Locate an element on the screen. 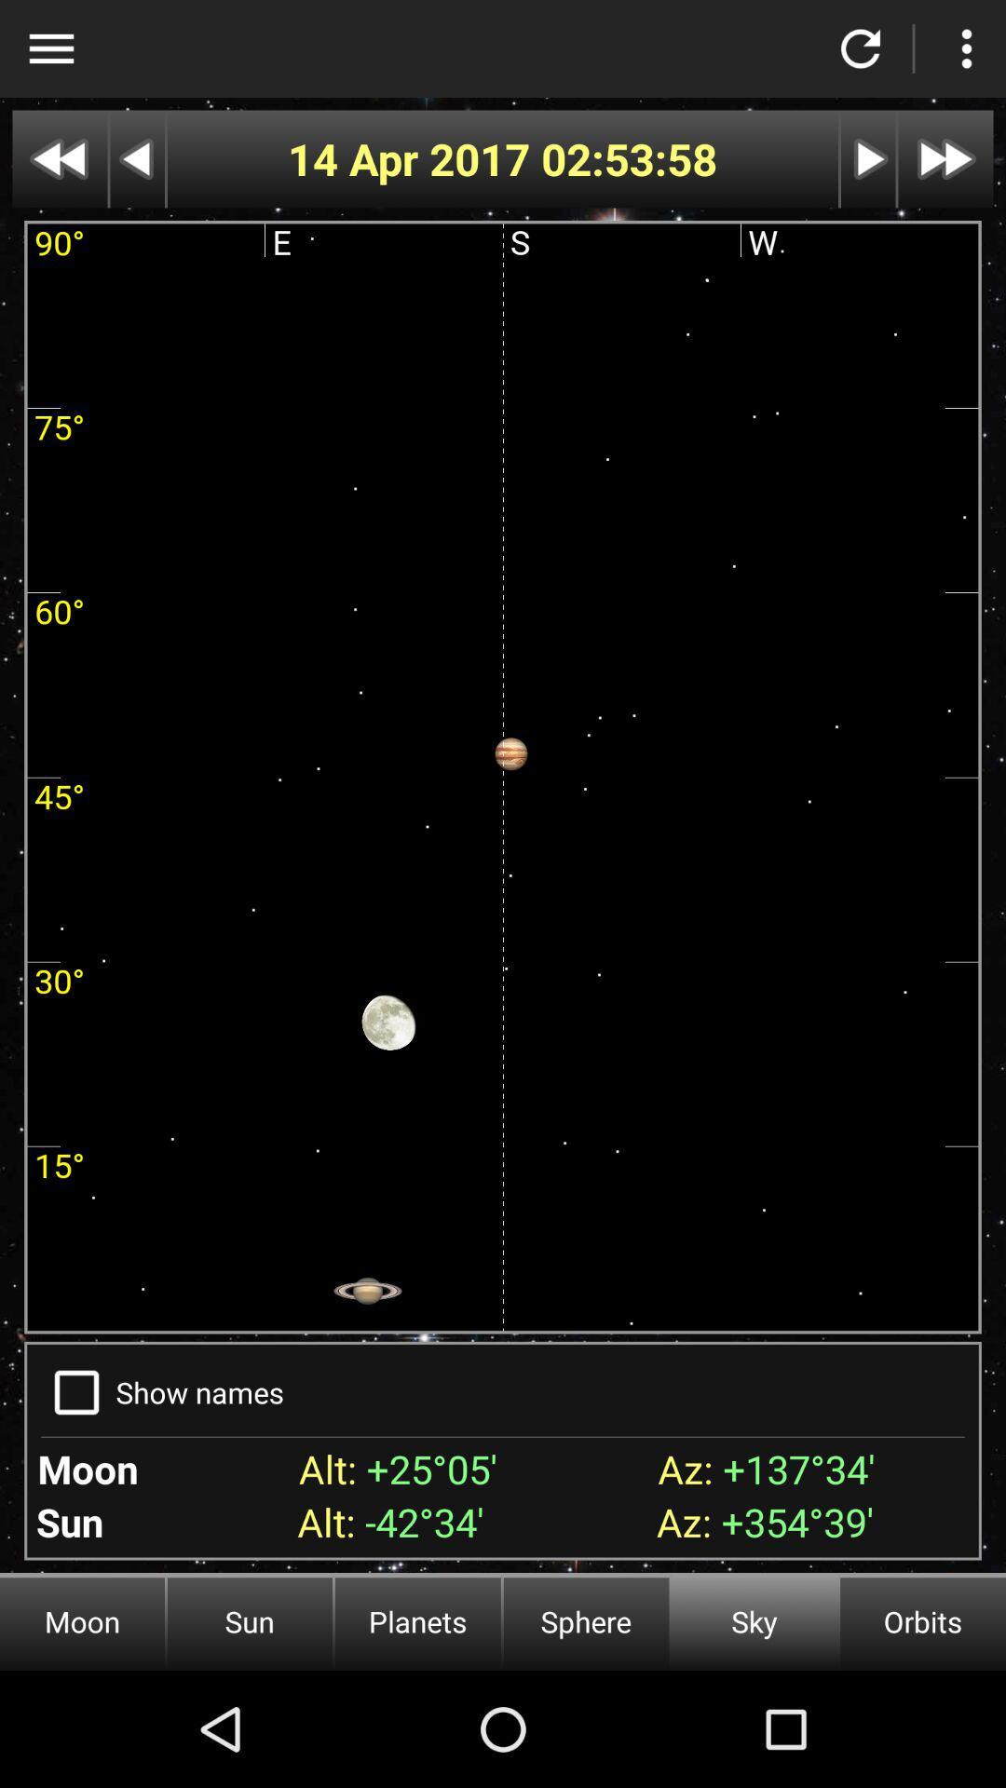 This screenshot has height=1788, width=1006. 14 apr 2017  app is located at coordinates (414, 159).